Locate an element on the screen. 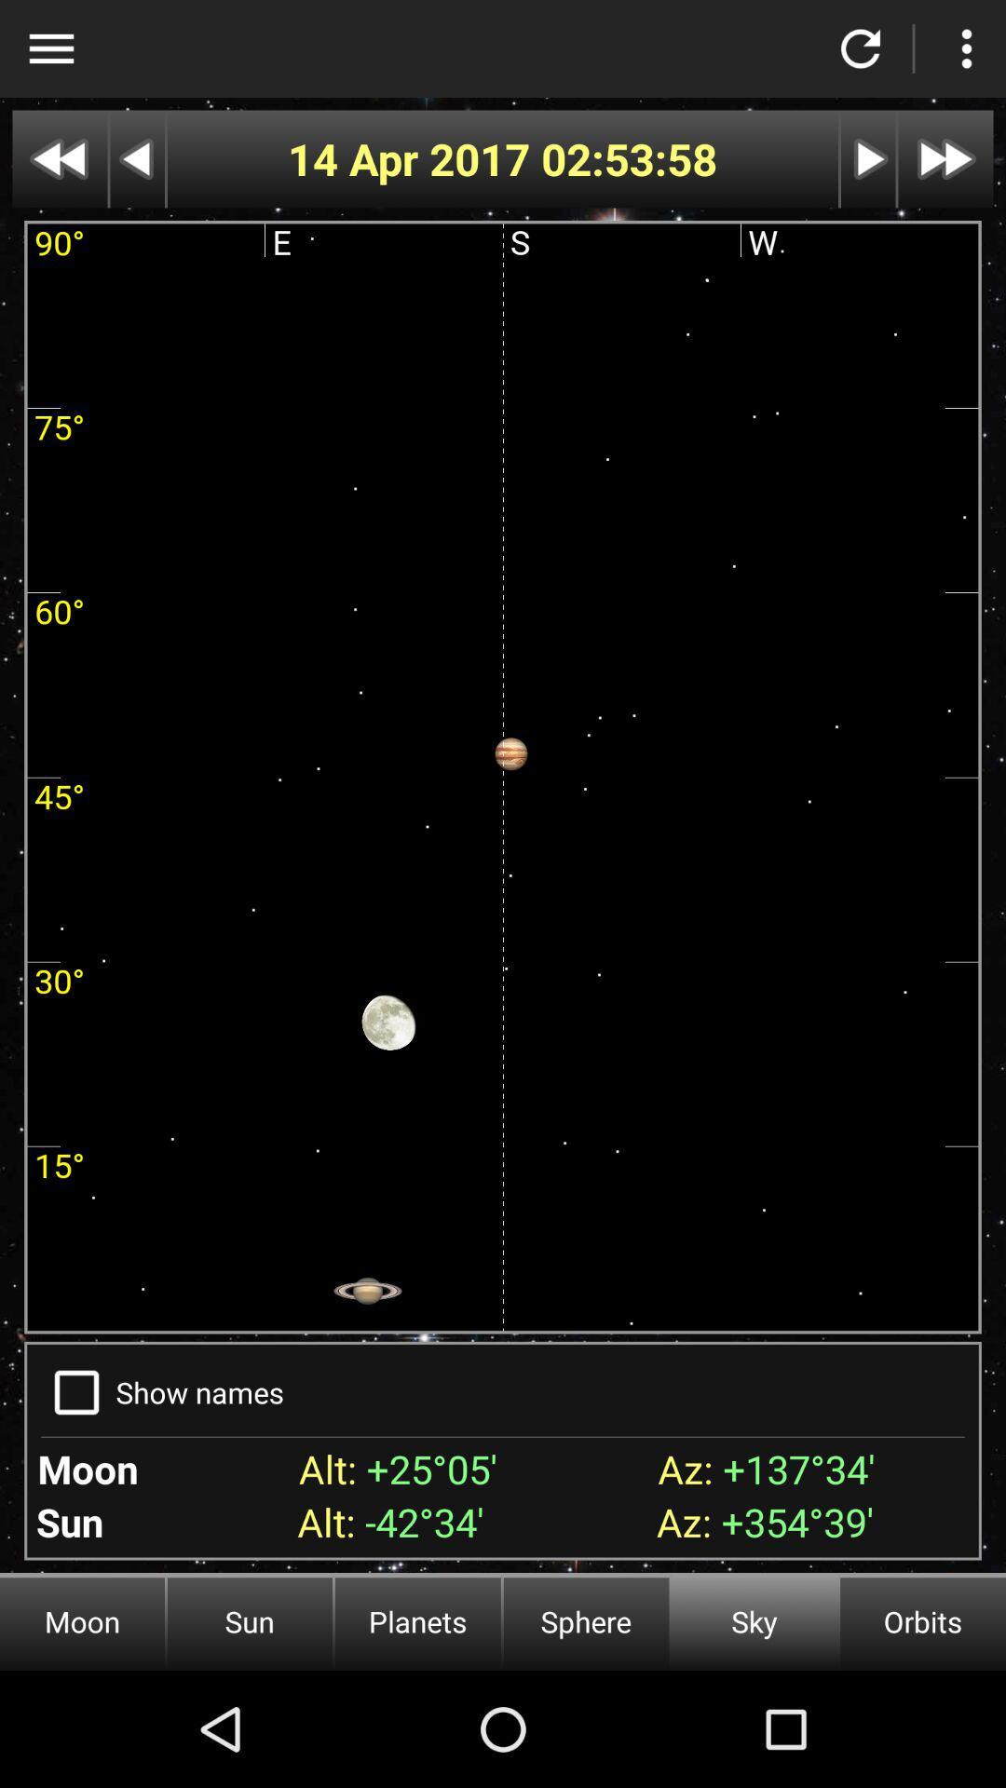 This screenshot has height=1788, width=1006. 14 apr 2017  app is located at coordinates (414, 159).